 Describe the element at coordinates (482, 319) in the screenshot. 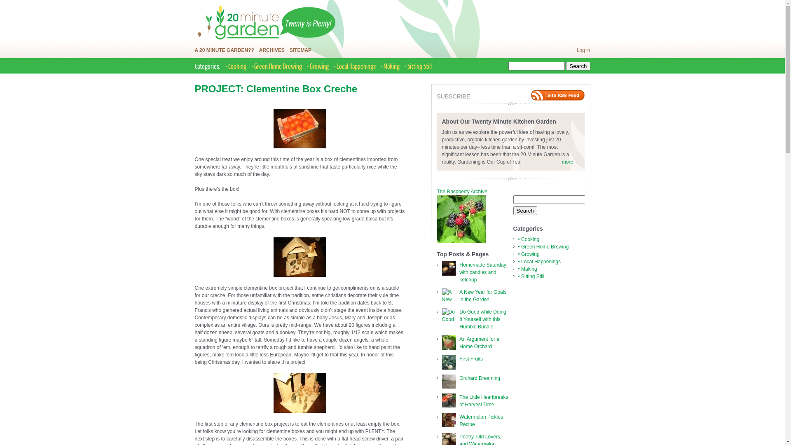

I see `'Do Good while Doing It Yourself with this Humble Bundle'` at that location.